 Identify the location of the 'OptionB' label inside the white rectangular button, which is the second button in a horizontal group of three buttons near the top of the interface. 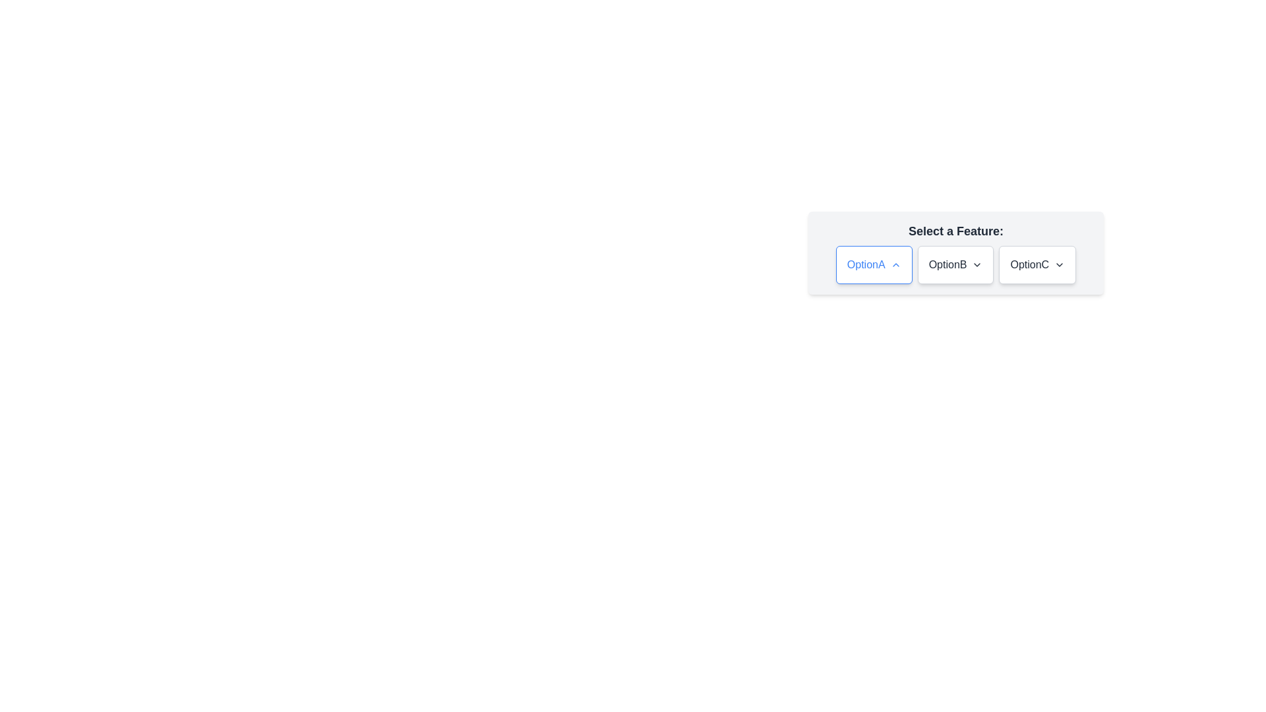
(947, 264).